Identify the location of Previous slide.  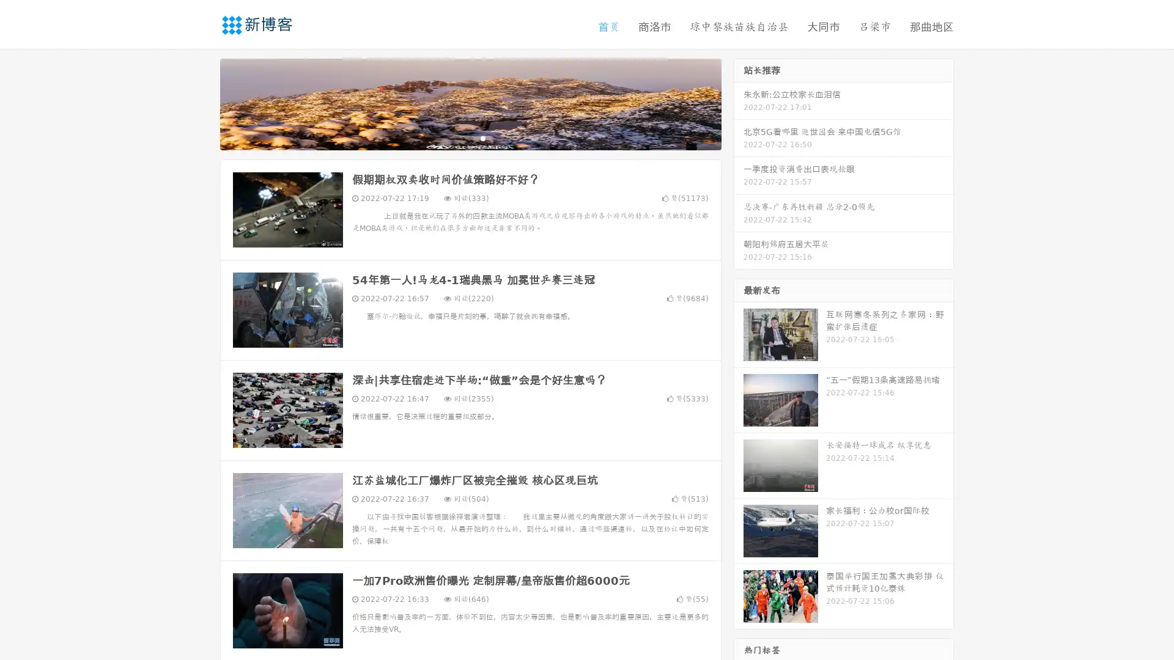
(202, 103).